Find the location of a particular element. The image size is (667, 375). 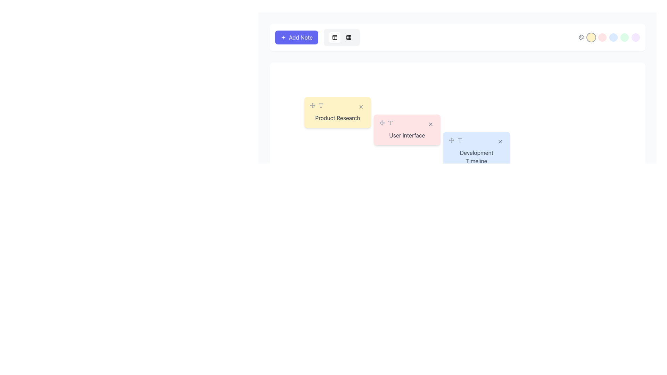

the close button located in the top-right corner of the blue 'Development Timeline' card is located at coordinates (500, 141).